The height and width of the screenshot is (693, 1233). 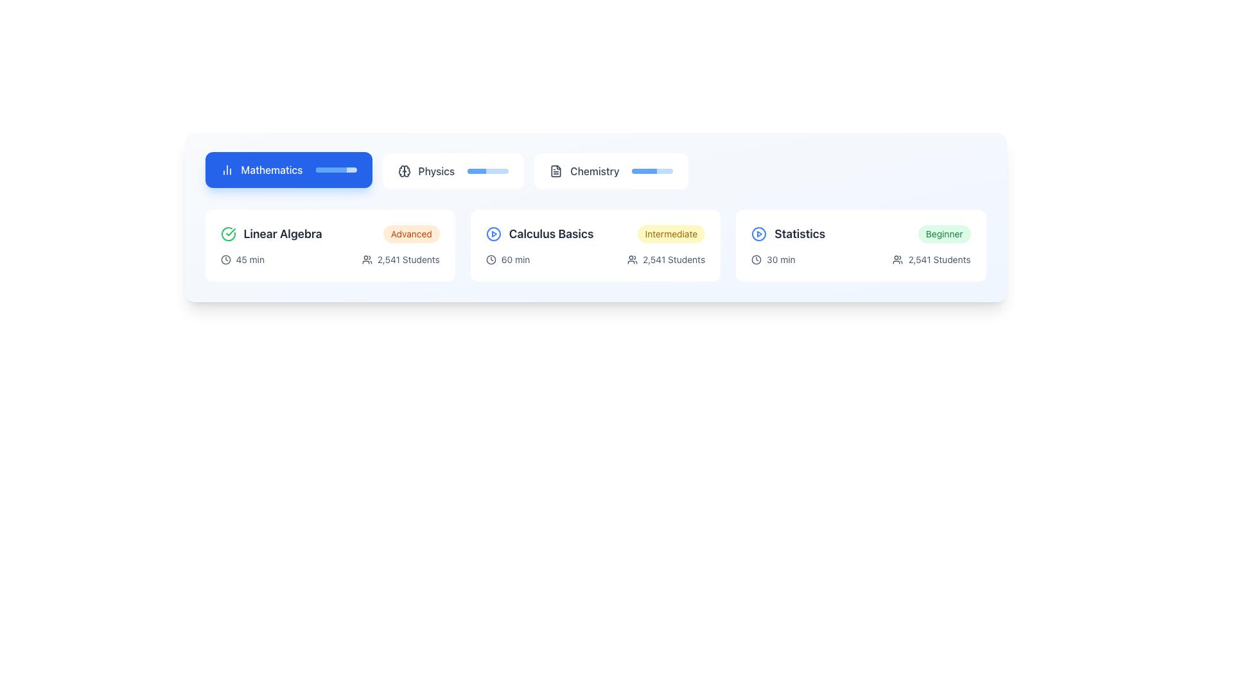 I want to click on the 'Chemistry' button, which is a rectangular interactive button with the text 'Chemistry' and an icon of a document to the left, to trigger style changes, so click(x=611, y=170).